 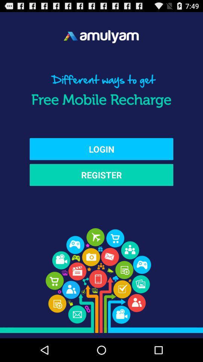 What do you see at coordinates (101, 149) in the screenshot?
I see `the icon above the register` at bounding box center [101, 149].